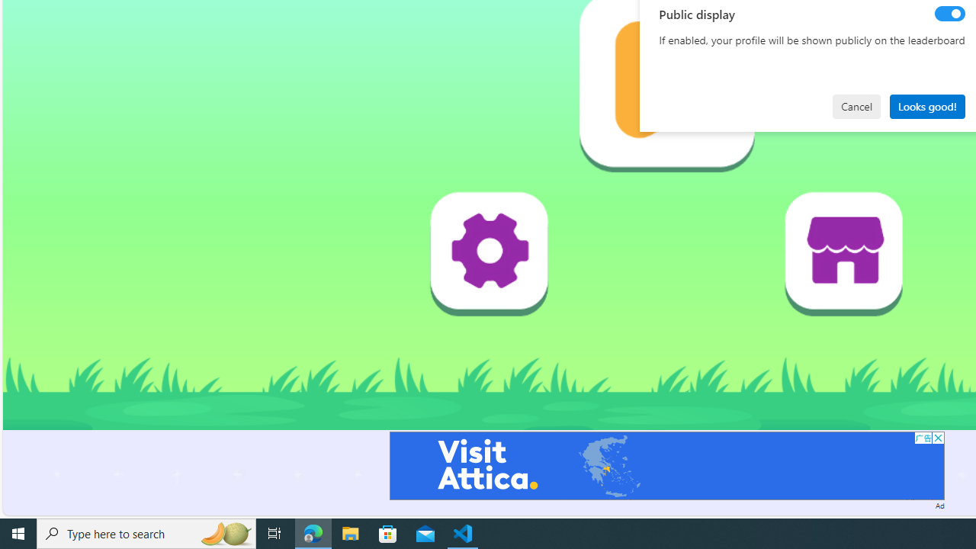 This screenshot has width=976, height=549. I want to click on 'AutomationID: cbb', so click(937, 438).